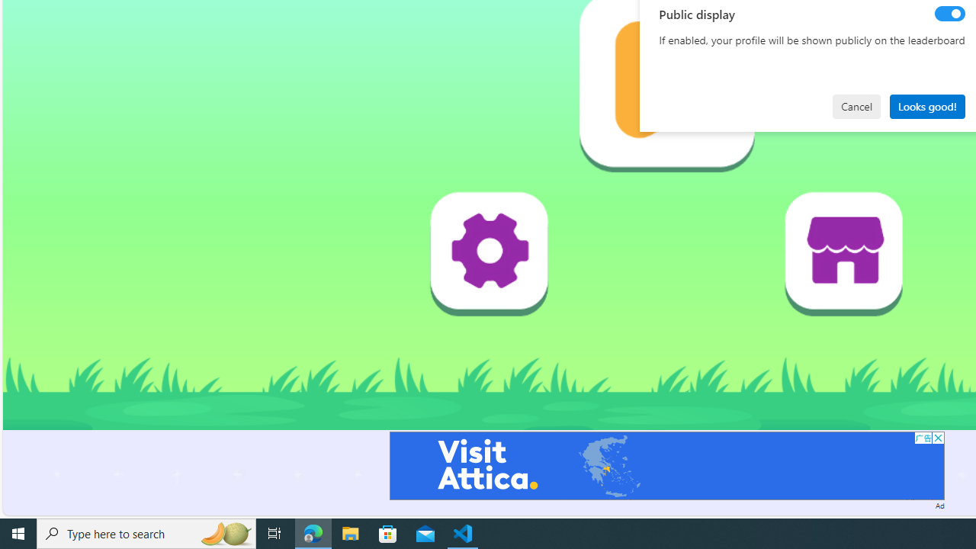 This screenshot has width=976, height=549. I want to click on 'AutomationID: cbb', so click(937, 438).